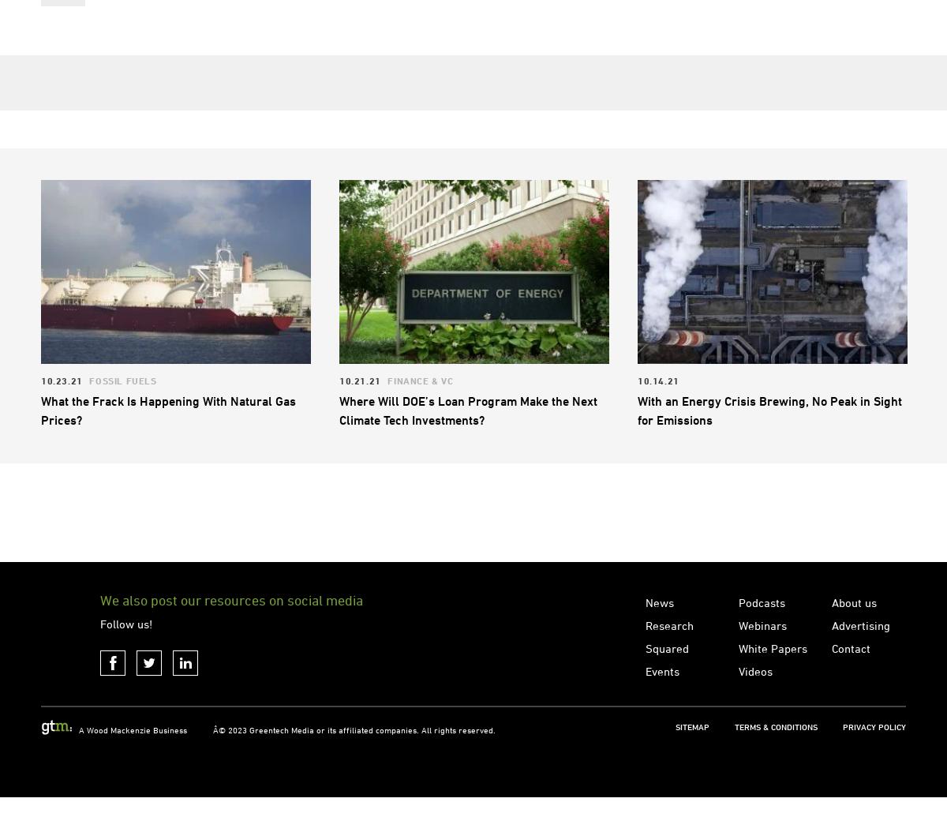  I want to click on '10.23.21', so click(63, 446).